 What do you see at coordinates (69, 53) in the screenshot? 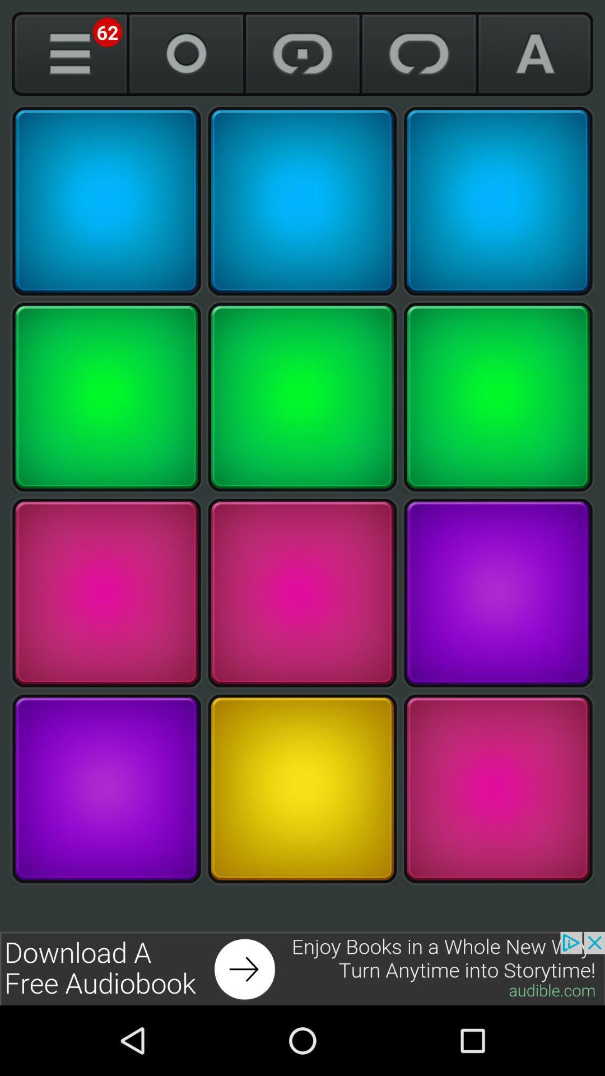
I see `the menu icon` at bounding box center [69, 53].